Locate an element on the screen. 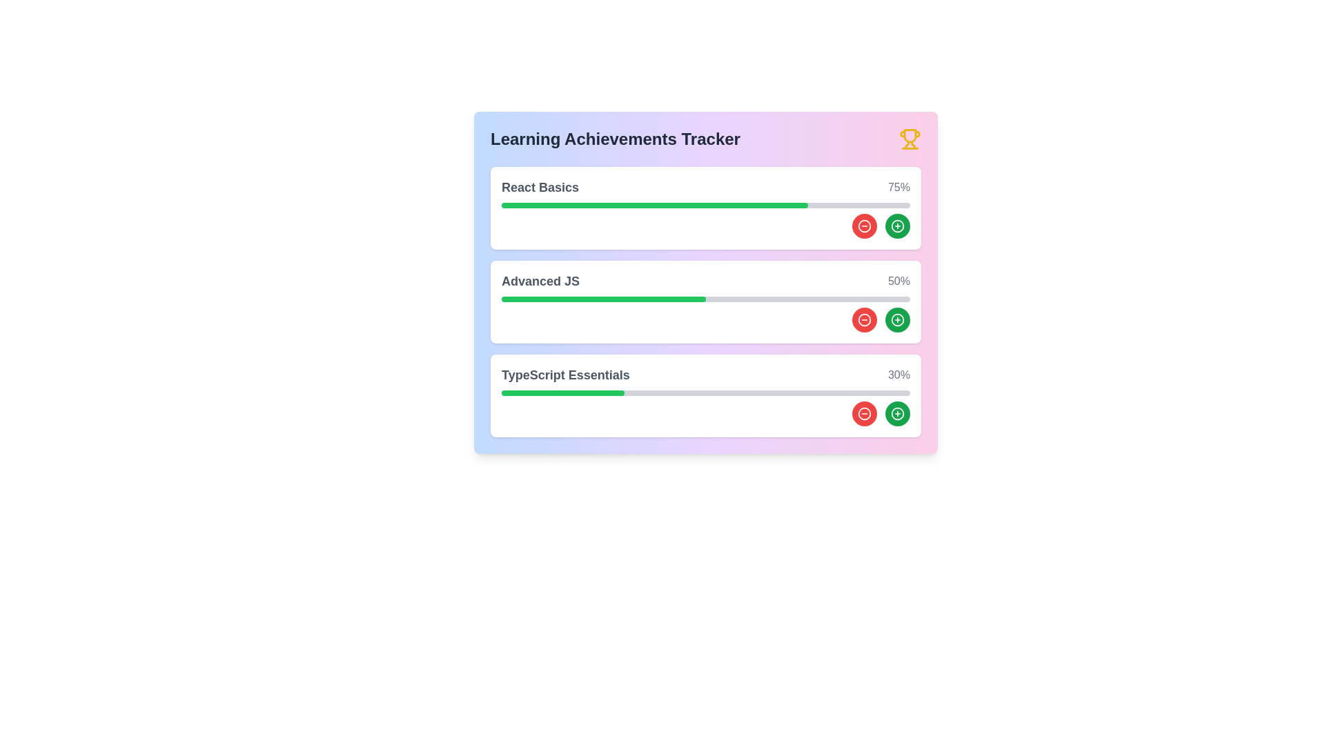 The width and height of the screenshot is (1325, 745). the button located on the far right side of the second progress bar labeled 'Advanced JS', adjacent to the progress label '50%' is located at coordinates (897, 319).